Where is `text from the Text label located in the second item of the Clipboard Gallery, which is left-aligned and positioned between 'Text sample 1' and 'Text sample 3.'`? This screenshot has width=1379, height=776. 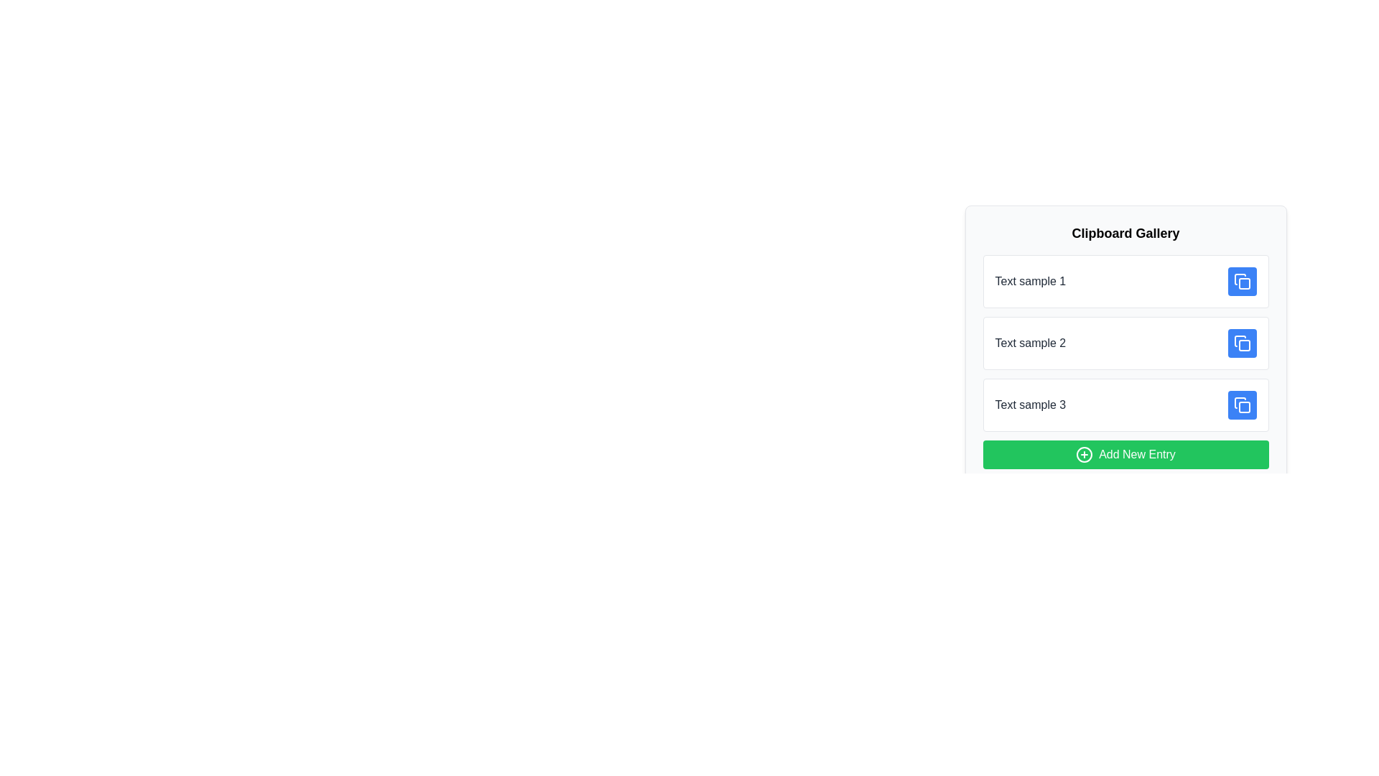
text from the Text label located in the second item of the Clipboard Gallery, which is left-aligned and positioned between 'Text sample 1' and 'Text sample 3.' is located at coordinates (1029, 343).